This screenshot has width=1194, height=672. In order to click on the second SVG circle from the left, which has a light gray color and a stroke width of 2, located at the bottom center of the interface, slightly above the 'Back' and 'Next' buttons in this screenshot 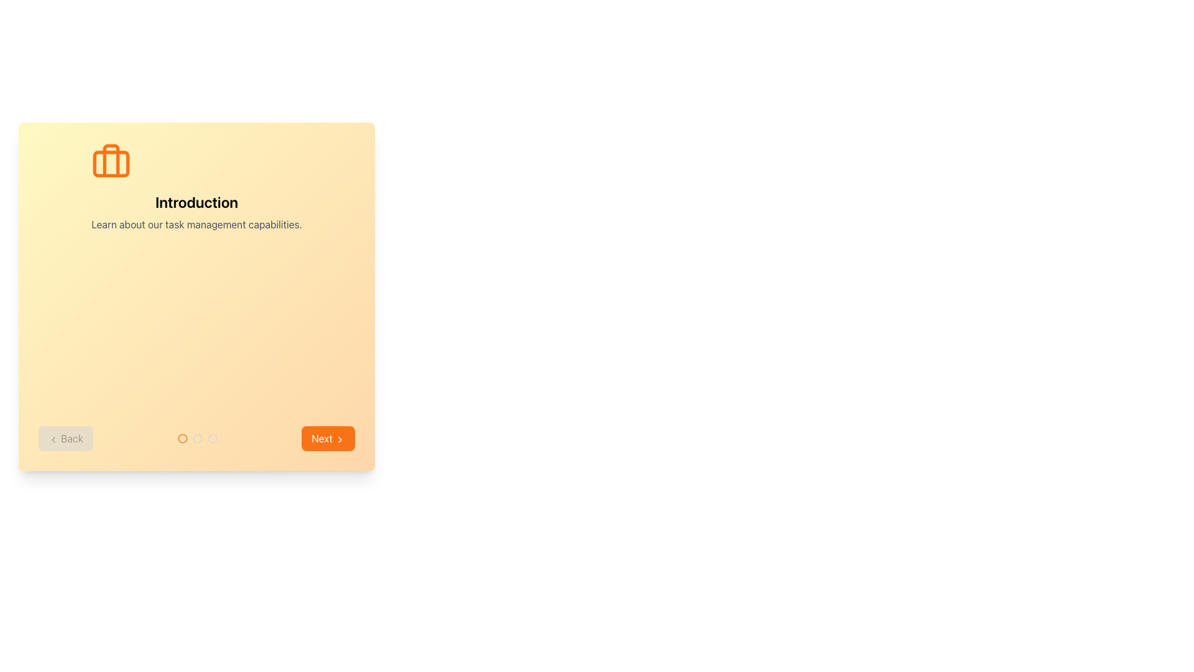, I will do `click(212, 438)`.